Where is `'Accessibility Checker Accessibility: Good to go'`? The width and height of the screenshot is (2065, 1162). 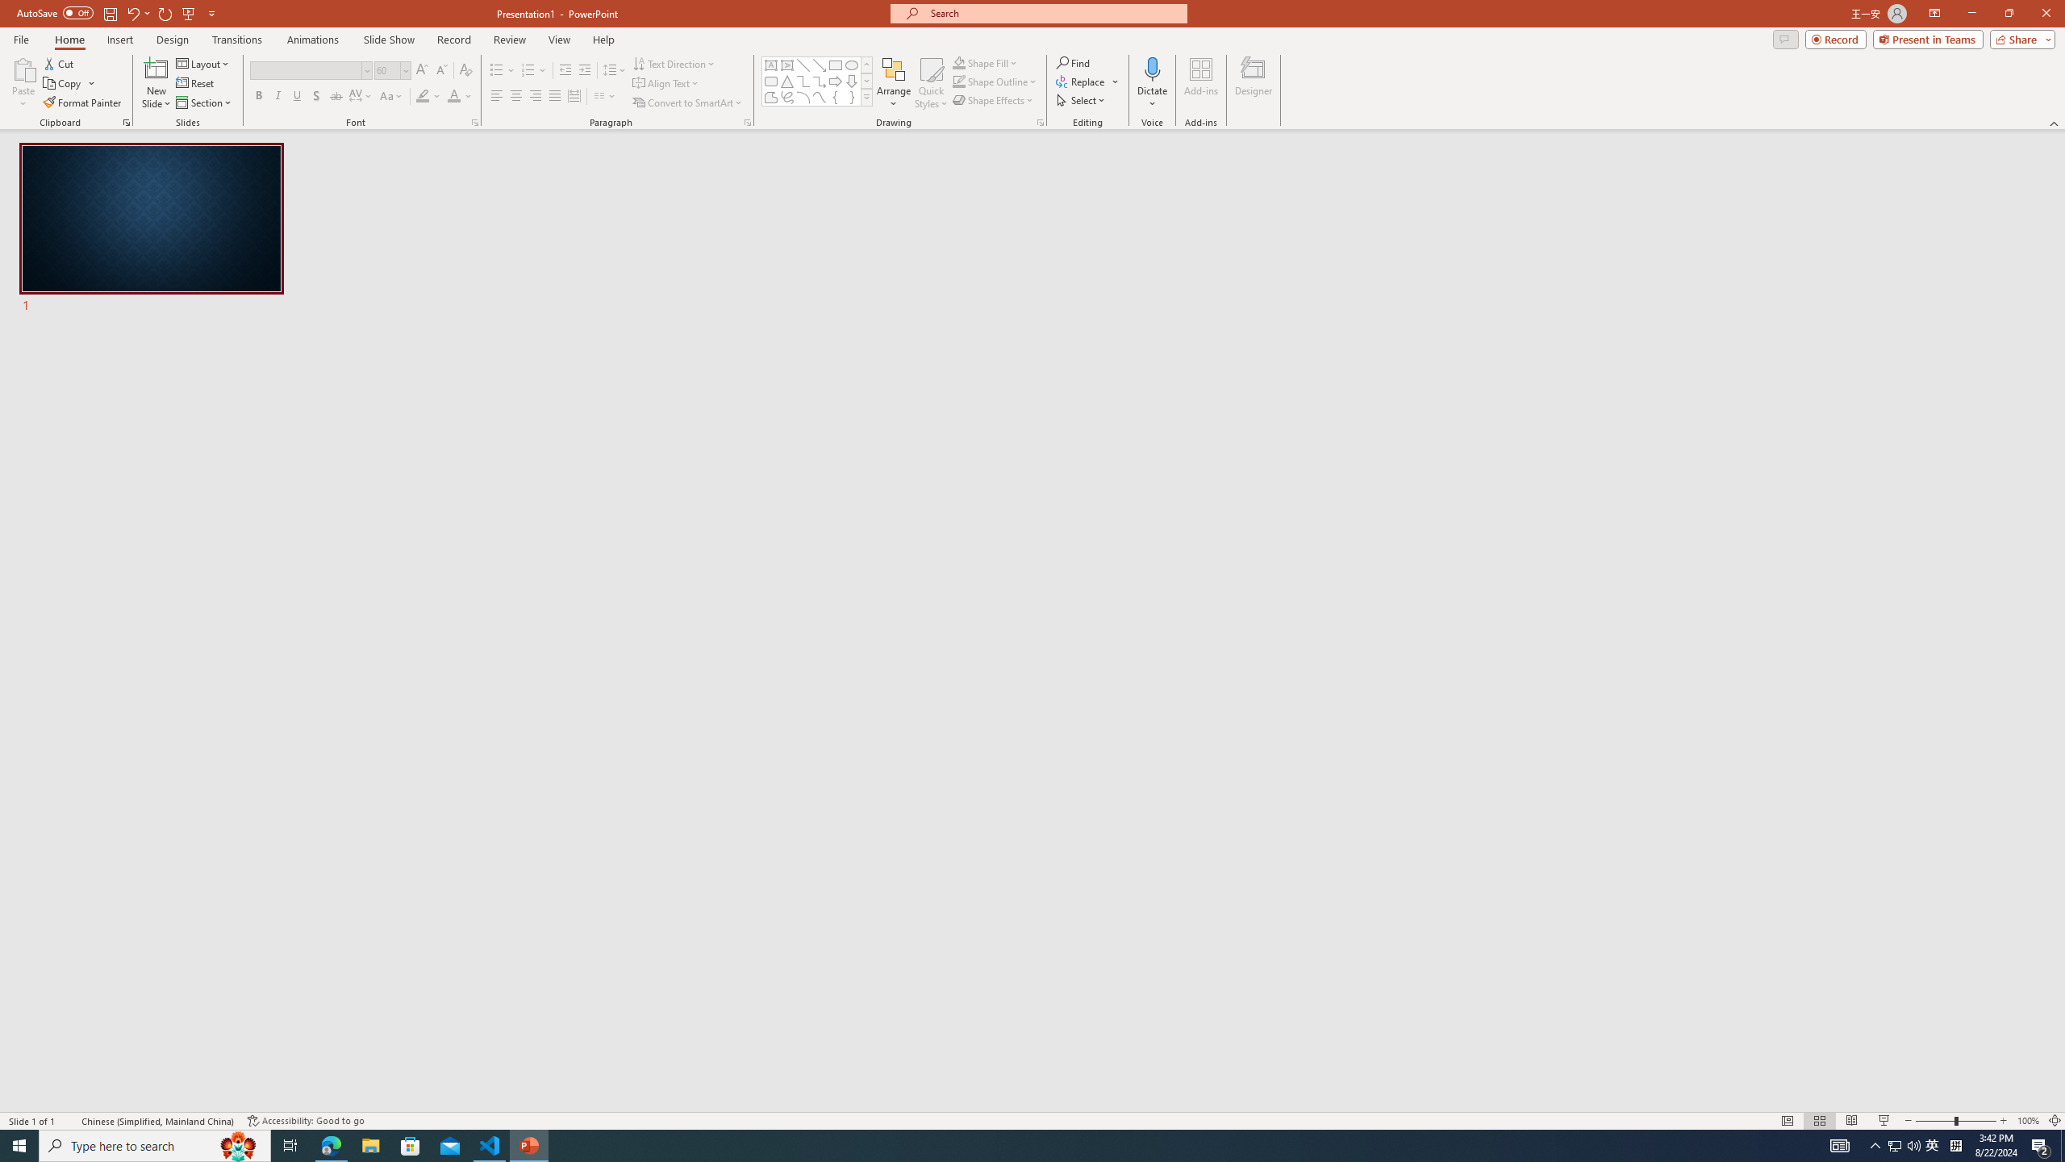 'Accessibility Checker Accessibility: Good to go' is located at coordinates (306, 1121).